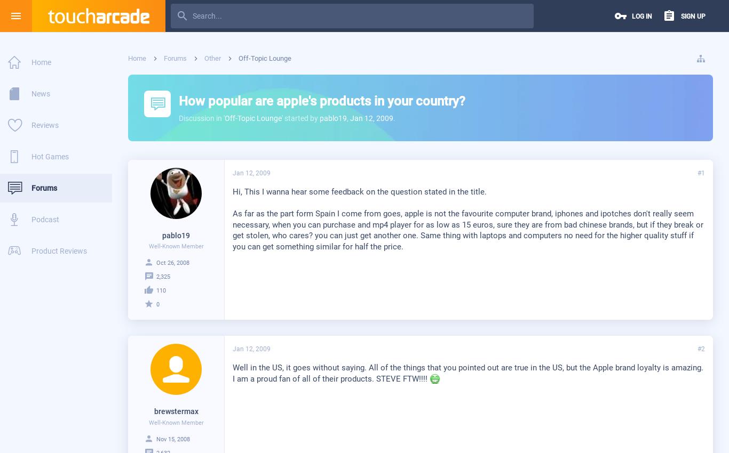 The image size is (729, 453). What do you see at coordinates (253, 118) in the screenshot?
I see `'Off-Topic Lounge'` at bounding box center [253, 118].